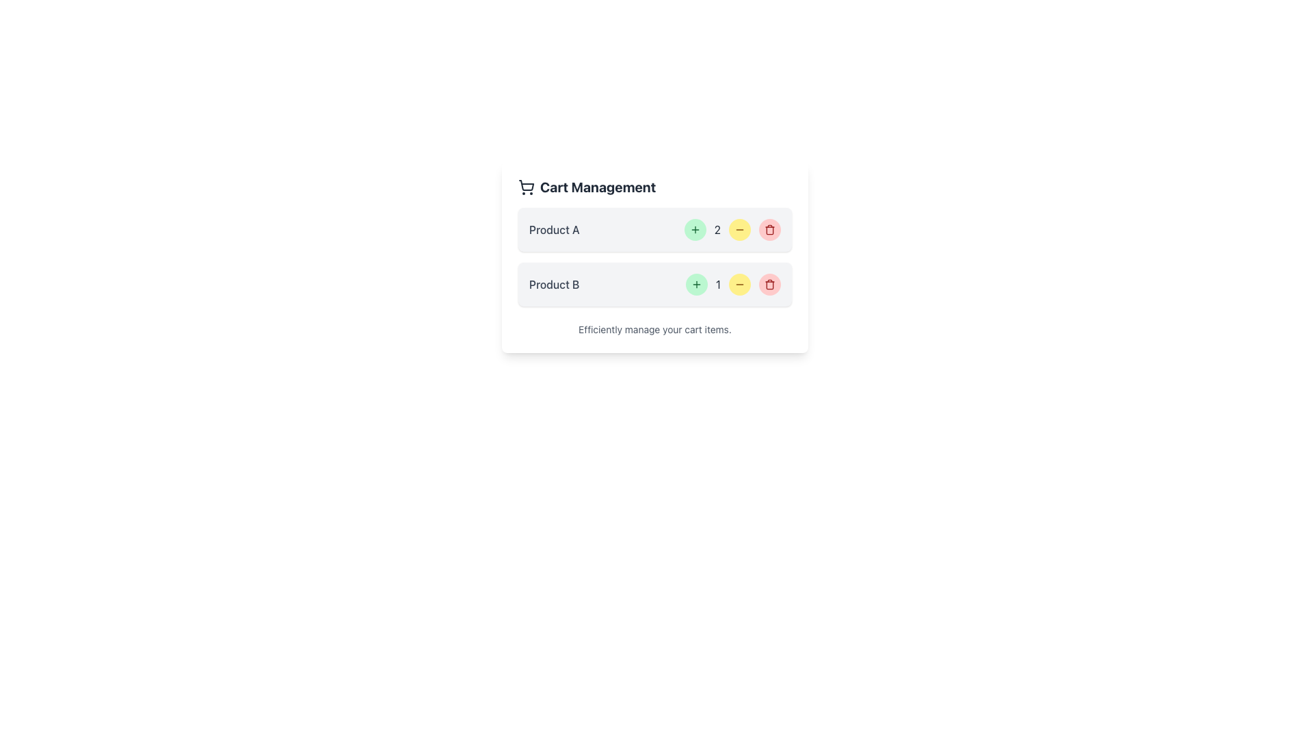 Image resolution: width=1313 pixels, height=739 pixels. Describe the element at coordinates (739, 284) in the screenshot. I see `the decrement button for 'Product B'` at that location.